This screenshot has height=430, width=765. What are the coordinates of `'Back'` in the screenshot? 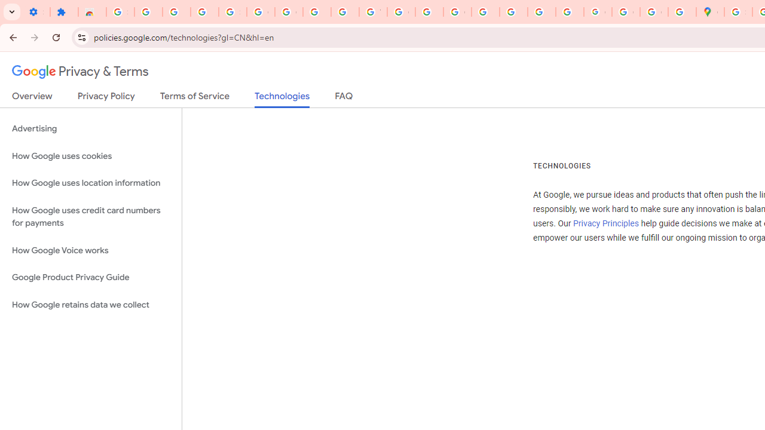 It's located at (11, 36).